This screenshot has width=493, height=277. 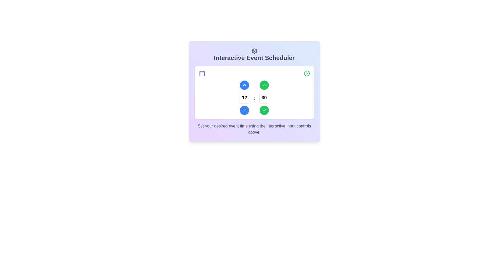 What do you see at coordinates (254, 91) in the screenshot?
I see `the time increment button located within the interactive time scheduler element, which is centrally positioned in the upper half of the visible area` at bounding box center [254, 91].